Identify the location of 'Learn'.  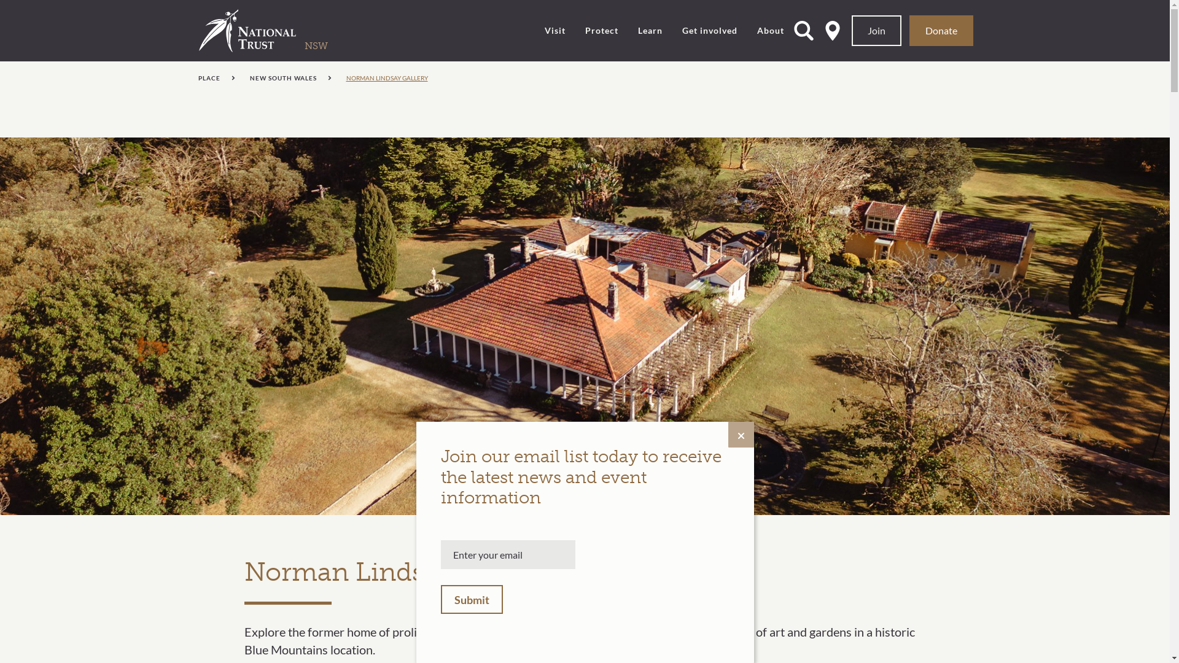
(650, 30).